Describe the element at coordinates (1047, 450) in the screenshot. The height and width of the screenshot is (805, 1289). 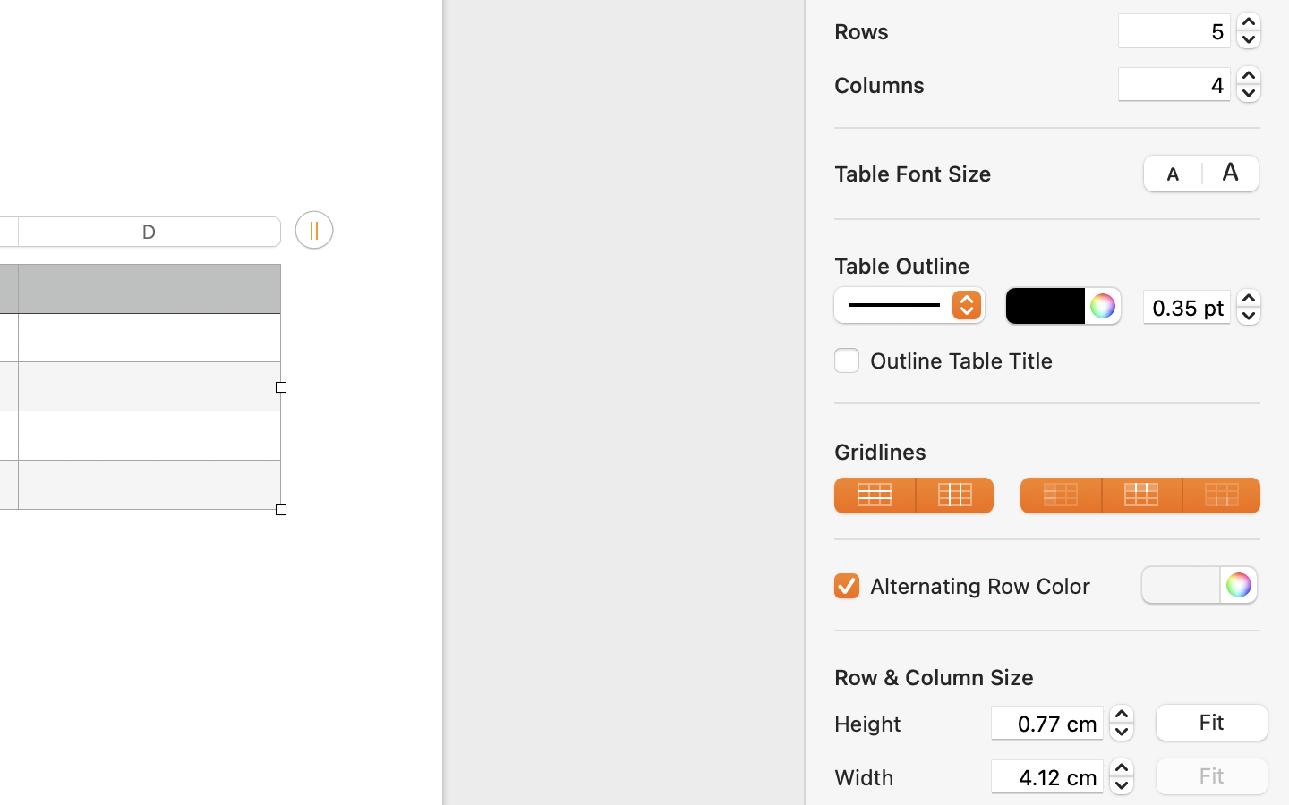
I see `'Gridlines'` at that location.